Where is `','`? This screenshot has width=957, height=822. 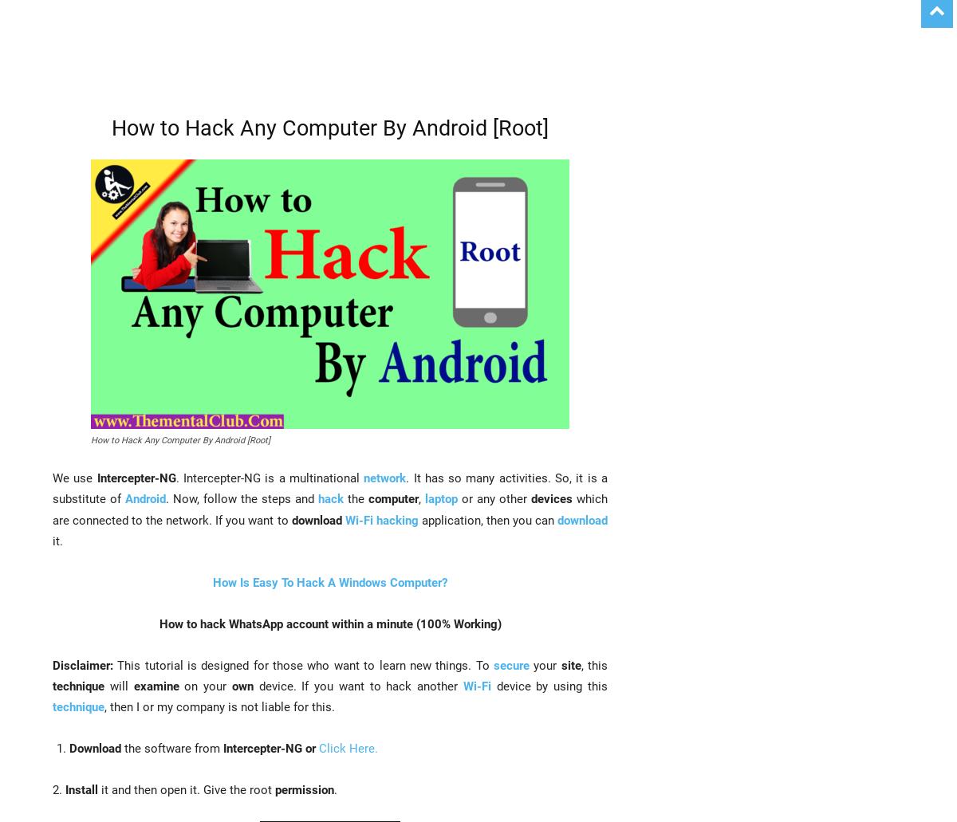 ',' is located at coordinates (418, 499).